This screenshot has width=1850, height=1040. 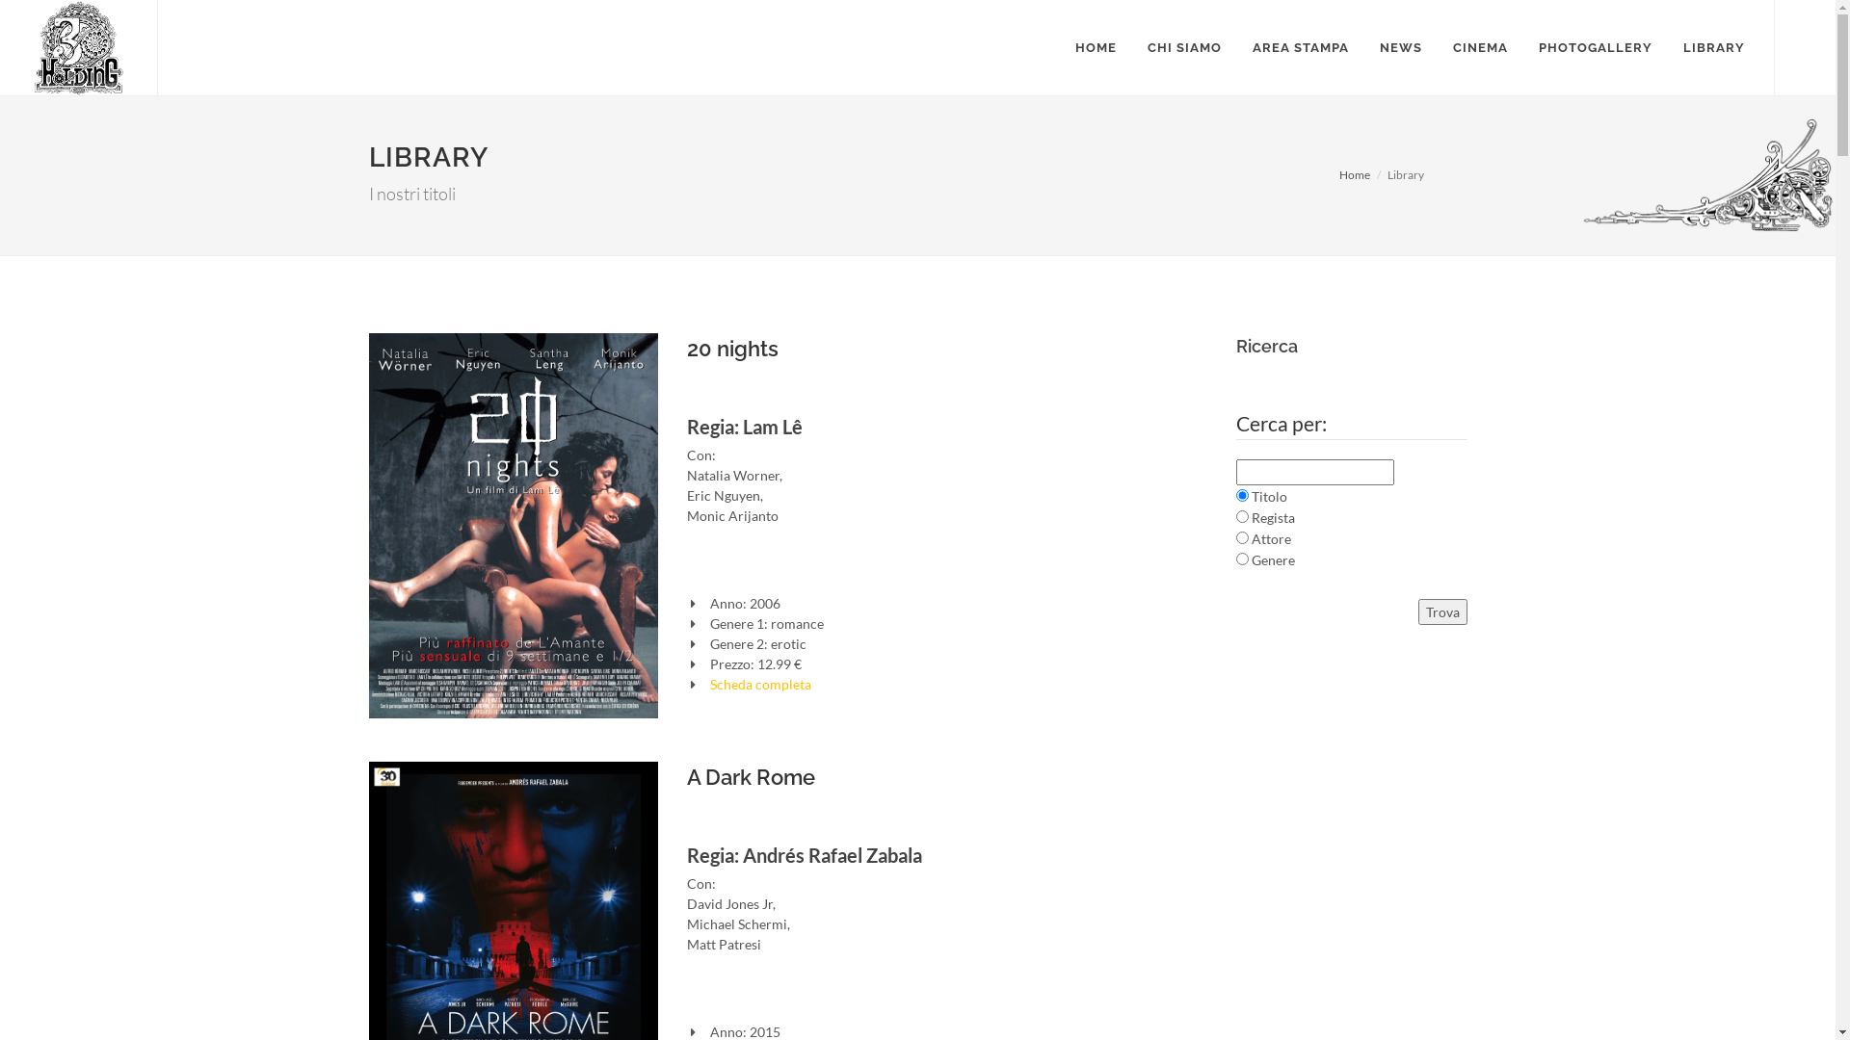 I want to click on 'CHI SIAMO', so click(x=1183, y=47).